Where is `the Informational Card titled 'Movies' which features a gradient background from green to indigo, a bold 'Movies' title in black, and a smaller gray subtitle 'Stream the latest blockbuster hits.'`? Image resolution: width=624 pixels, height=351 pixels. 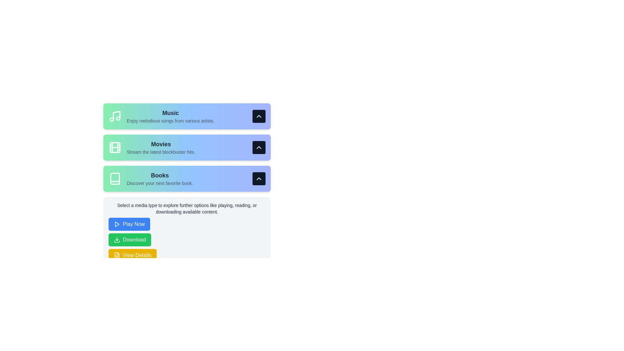
the Informational Card titled 'Movies' which features a gradient background from green to indigo, a bold 'Movies' title in black, and a smaller gray subtitle 'Stream the latest blockbuster hits.' is located at coordinates (187, 148).